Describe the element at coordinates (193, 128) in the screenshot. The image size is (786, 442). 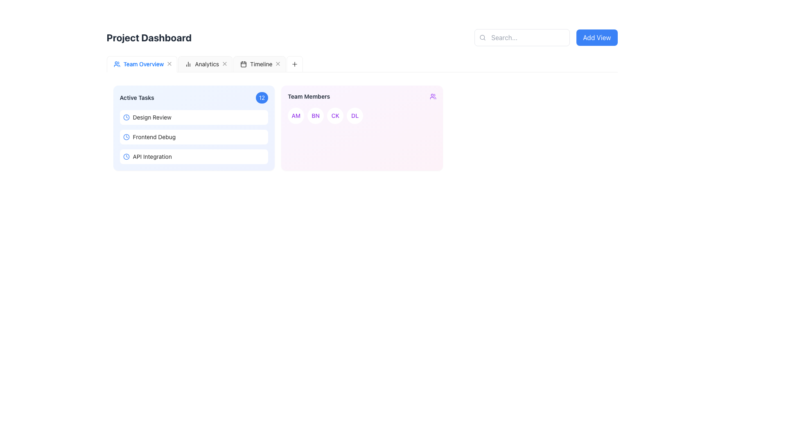
I see `the tasks listed in the overview card displaying active tasks, which is positioned to the left of the 'Team Members' card on the dashboard` at that location.